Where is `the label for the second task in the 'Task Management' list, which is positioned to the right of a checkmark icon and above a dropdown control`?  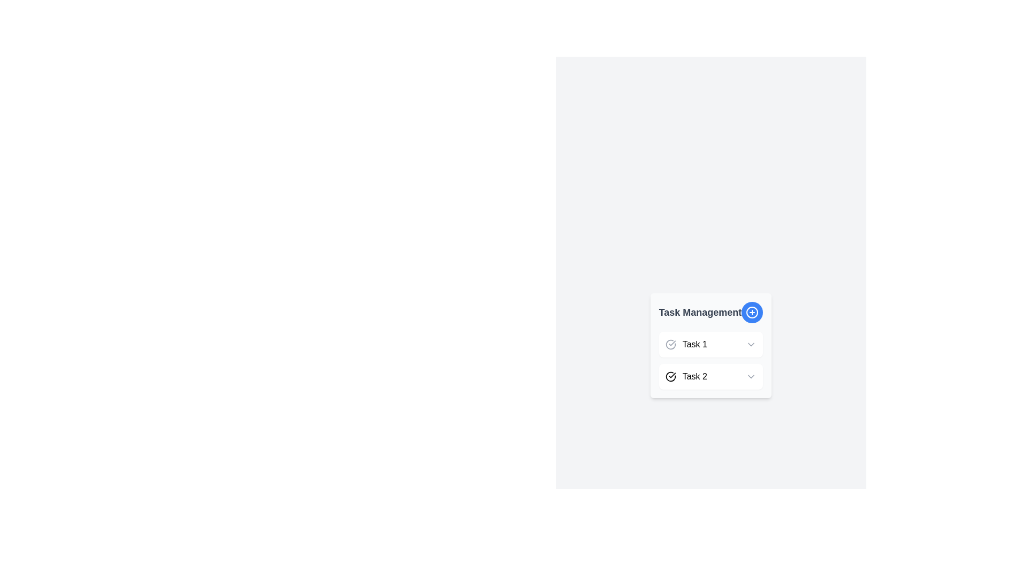
the label for the second task in the 'Task Management' list, which is positioned to the right of a checkmark icon and above a dropdown control is located at coordinates (694, 376).